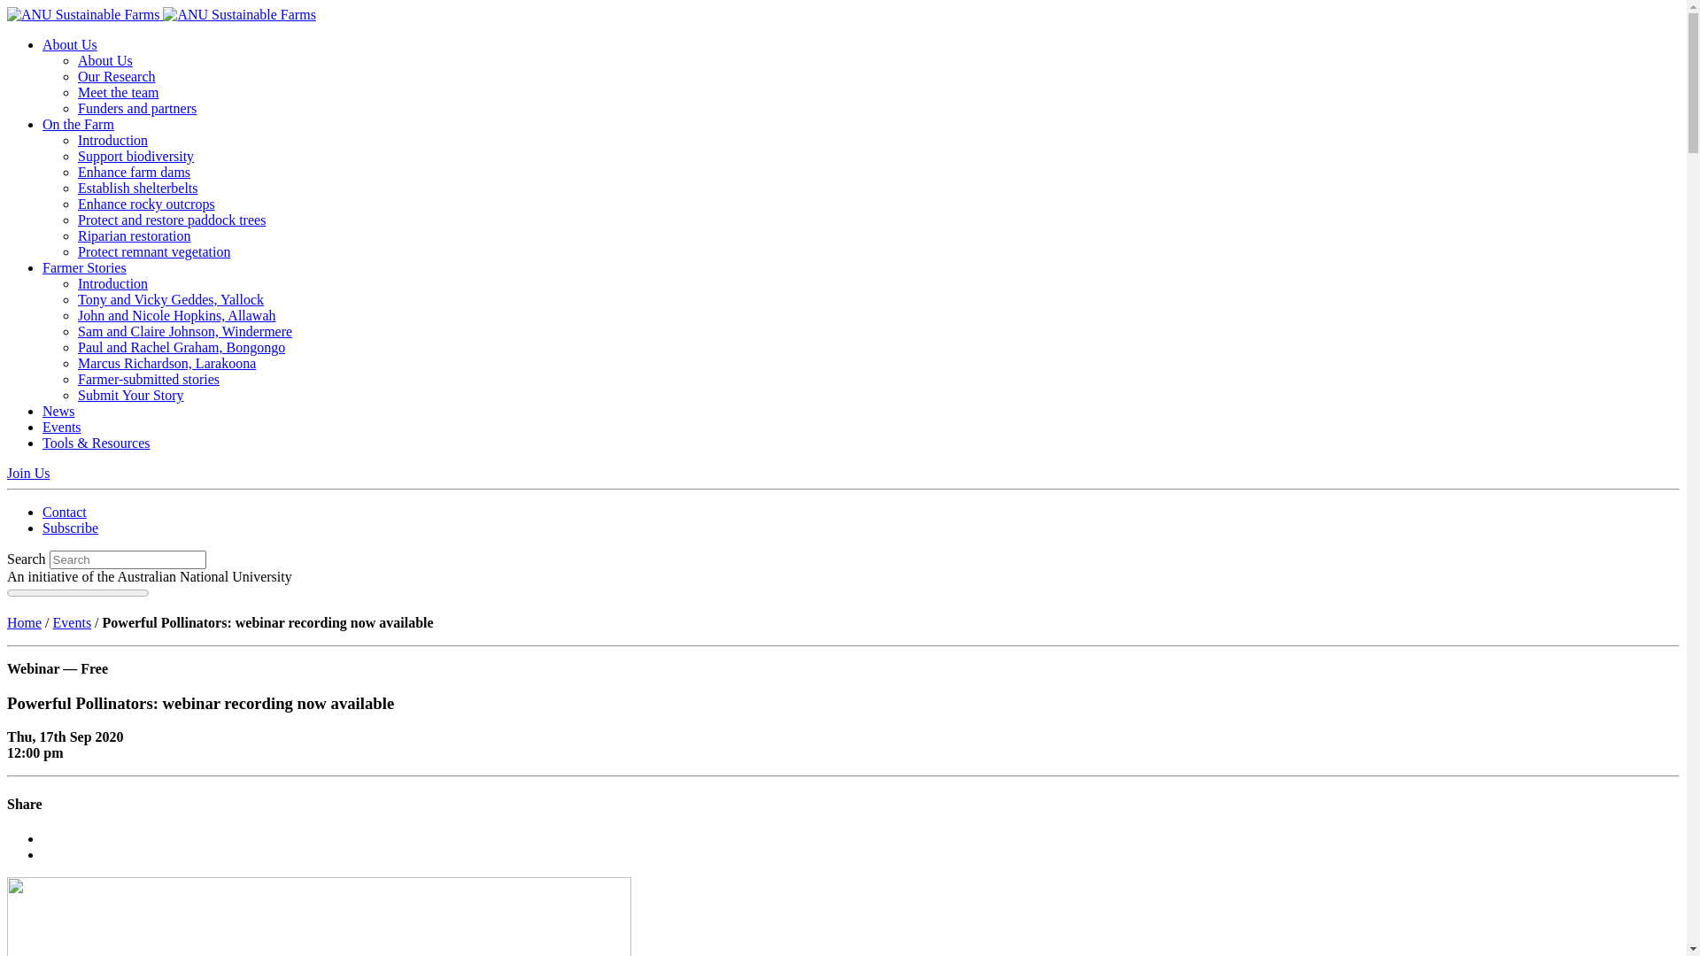 The image size is (1700, 956). I want to click on 'Introduction', so click(76, 139).